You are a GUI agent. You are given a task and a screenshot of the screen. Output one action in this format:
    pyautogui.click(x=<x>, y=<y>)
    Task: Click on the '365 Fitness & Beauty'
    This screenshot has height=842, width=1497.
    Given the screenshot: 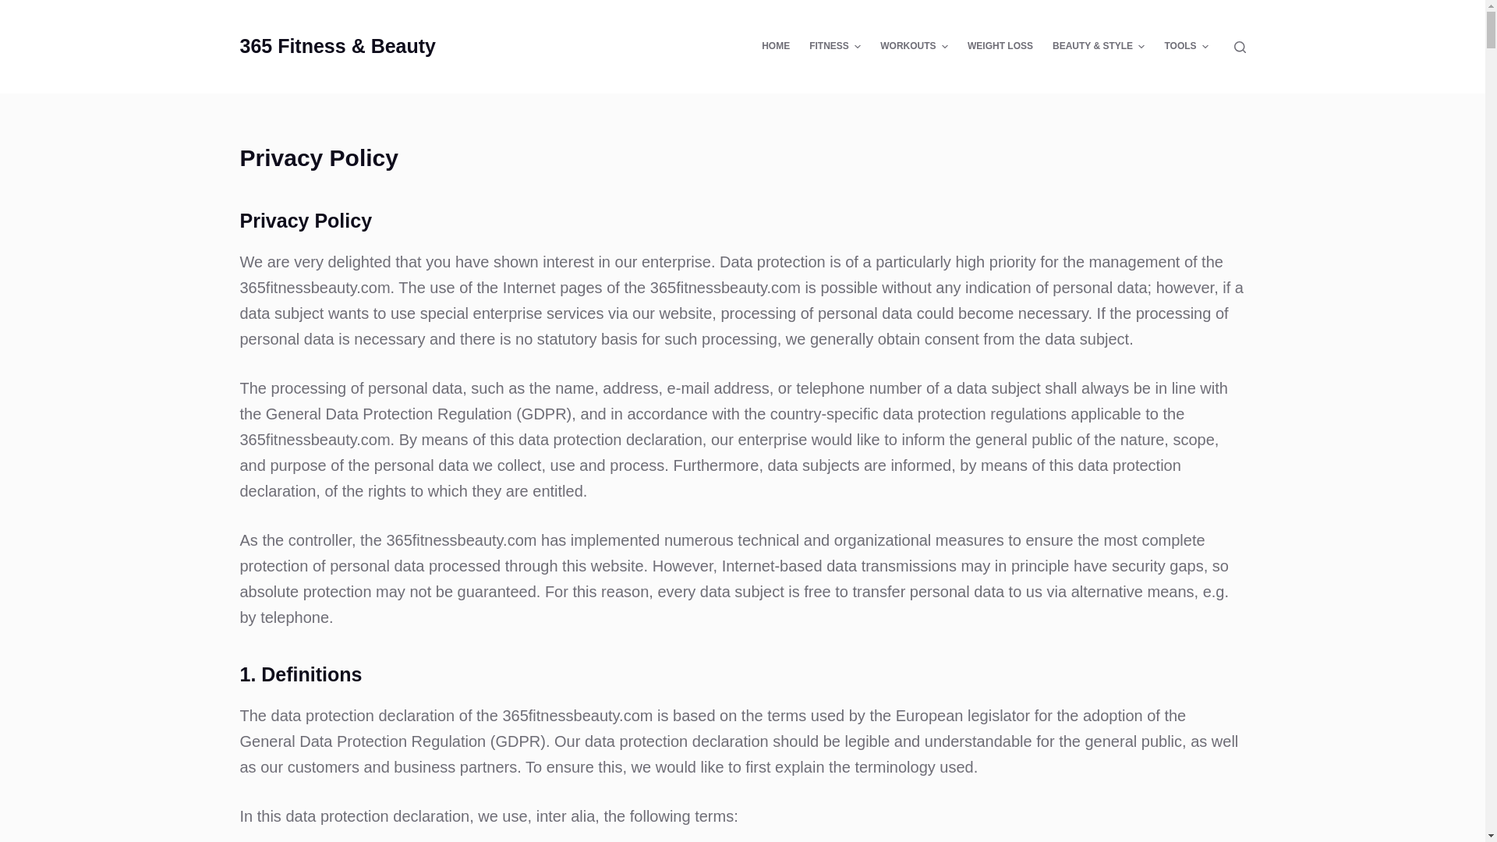 What is the action you would take?
    pyautogui.click(x=337, y=44)
    